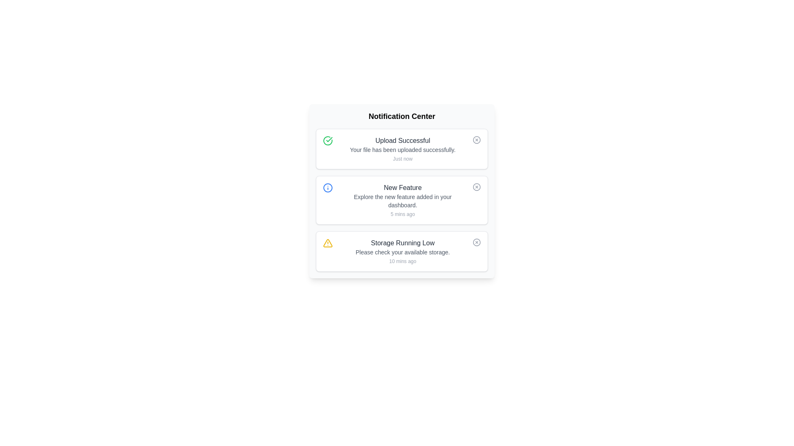 The height and width of the screenshot is (446, 794). What do you see at coordinates (476, 140) in the screenshot?
I see `the status icon in the top-right corner of the 'Upload Successful' notification card within the notification center interface` at bounding box center [476, 140].